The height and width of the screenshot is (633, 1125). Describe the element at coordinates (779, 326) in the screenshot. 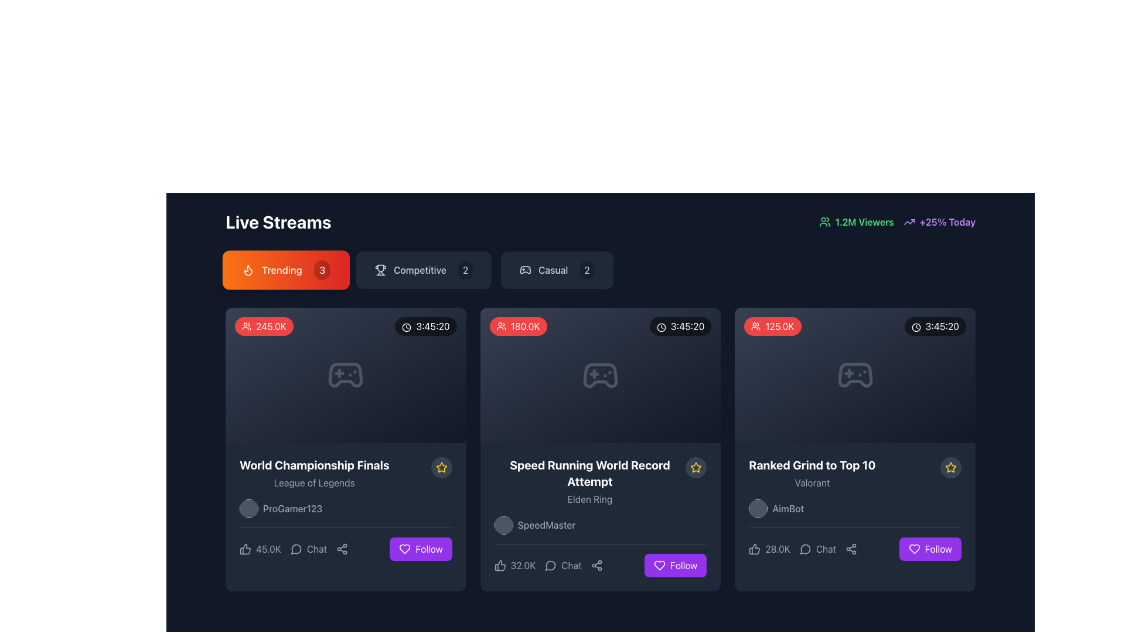

I see `the Text label that displays the number of viewers or participants, which is located at the top-left corner of a stream card, next to a user icon` at that location.